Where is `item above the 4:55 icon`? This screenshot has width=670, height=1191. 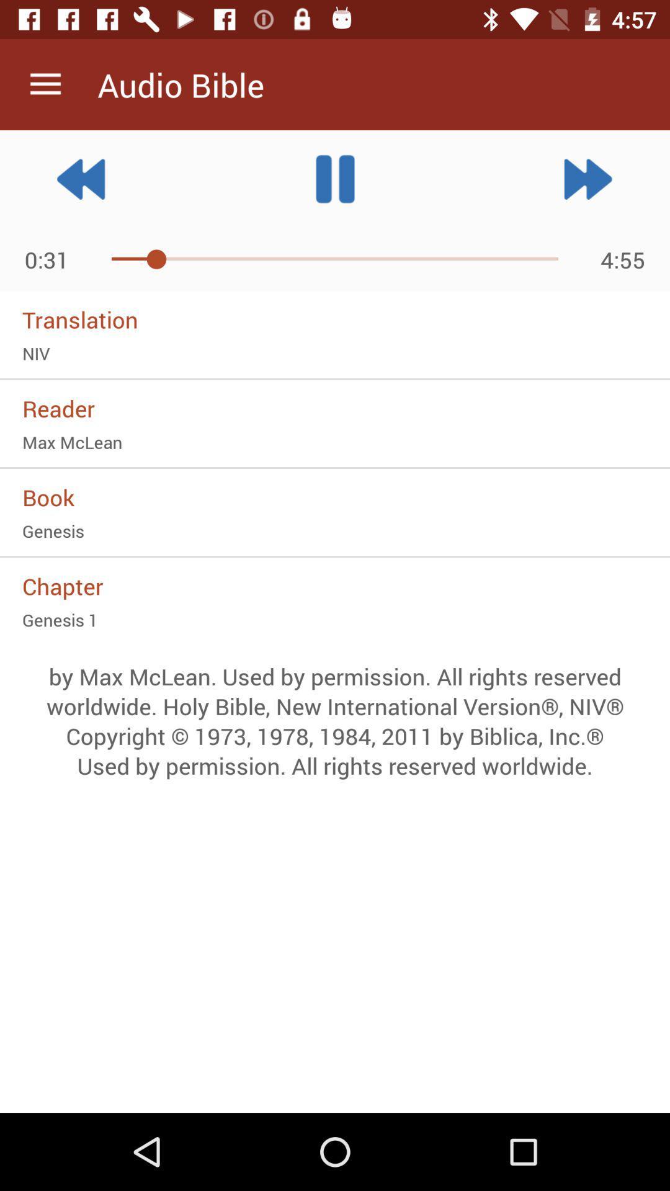 item above the 4:55 icon is located at coordinates (587, 178).